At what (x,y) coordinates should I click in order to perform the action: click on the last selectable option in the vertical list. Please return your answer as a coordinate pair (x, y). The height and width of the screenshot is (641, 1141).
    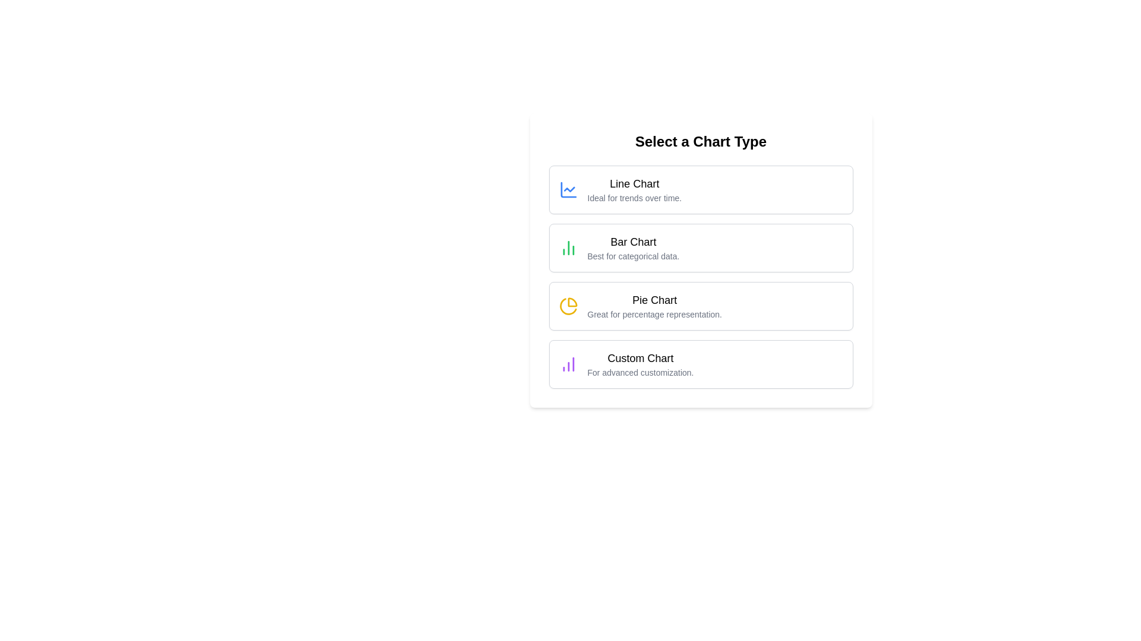
    Looking at the image, I should click on (701, 363).